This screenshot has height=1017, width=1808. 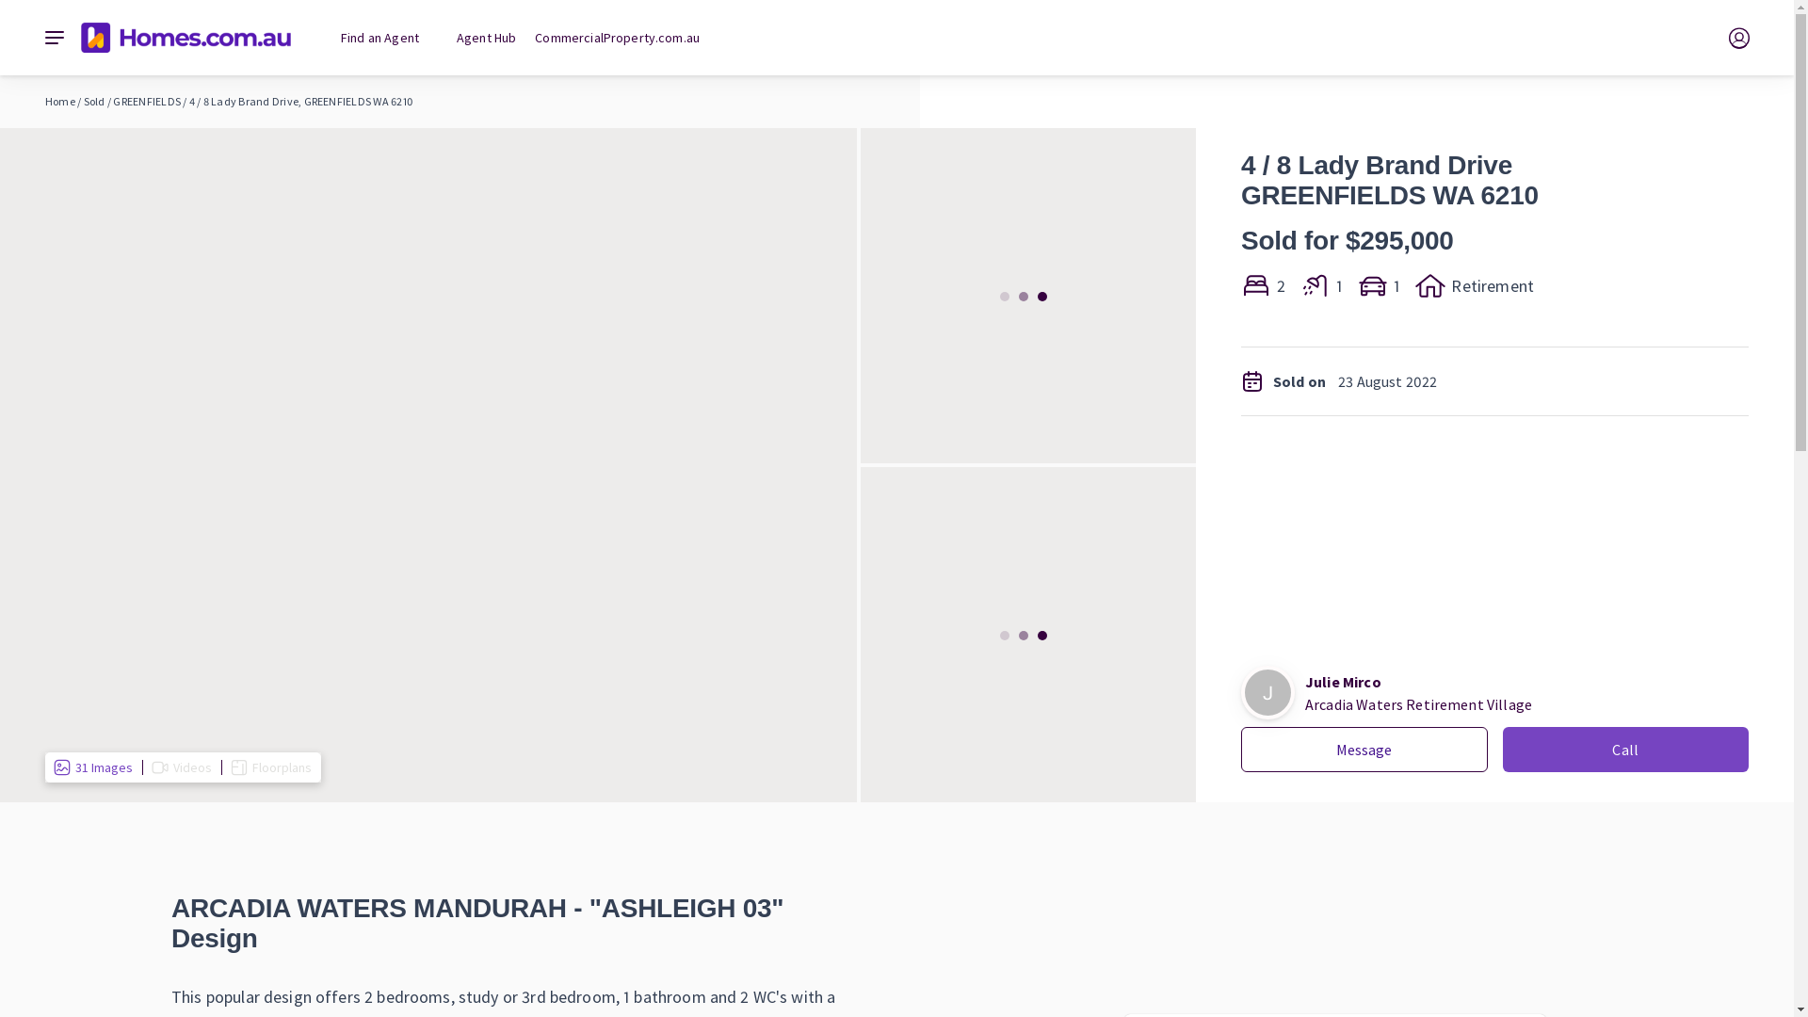 What do you see at coordinates (270, 767) in the screenshot?
I see `'Floorplans'` at bounding box center [270, 767].